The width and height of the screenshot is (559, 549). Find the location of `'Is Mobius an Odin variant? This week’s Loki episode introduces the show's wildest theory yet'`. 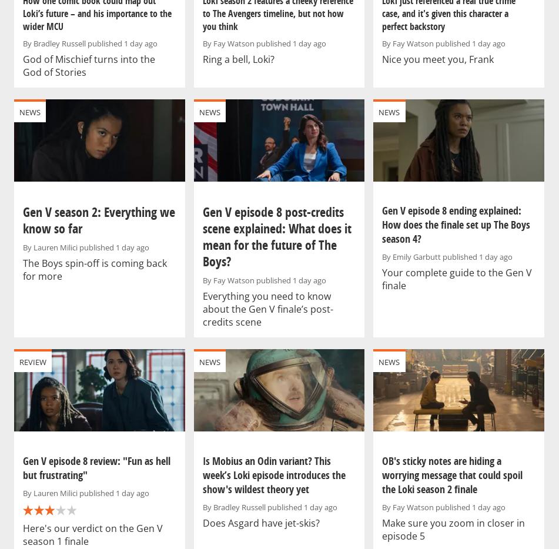

'Is Mobius an Odin variant? This week’s Loki episode introduces the show's wildest theory yet' is located at coordinates (273, 474).